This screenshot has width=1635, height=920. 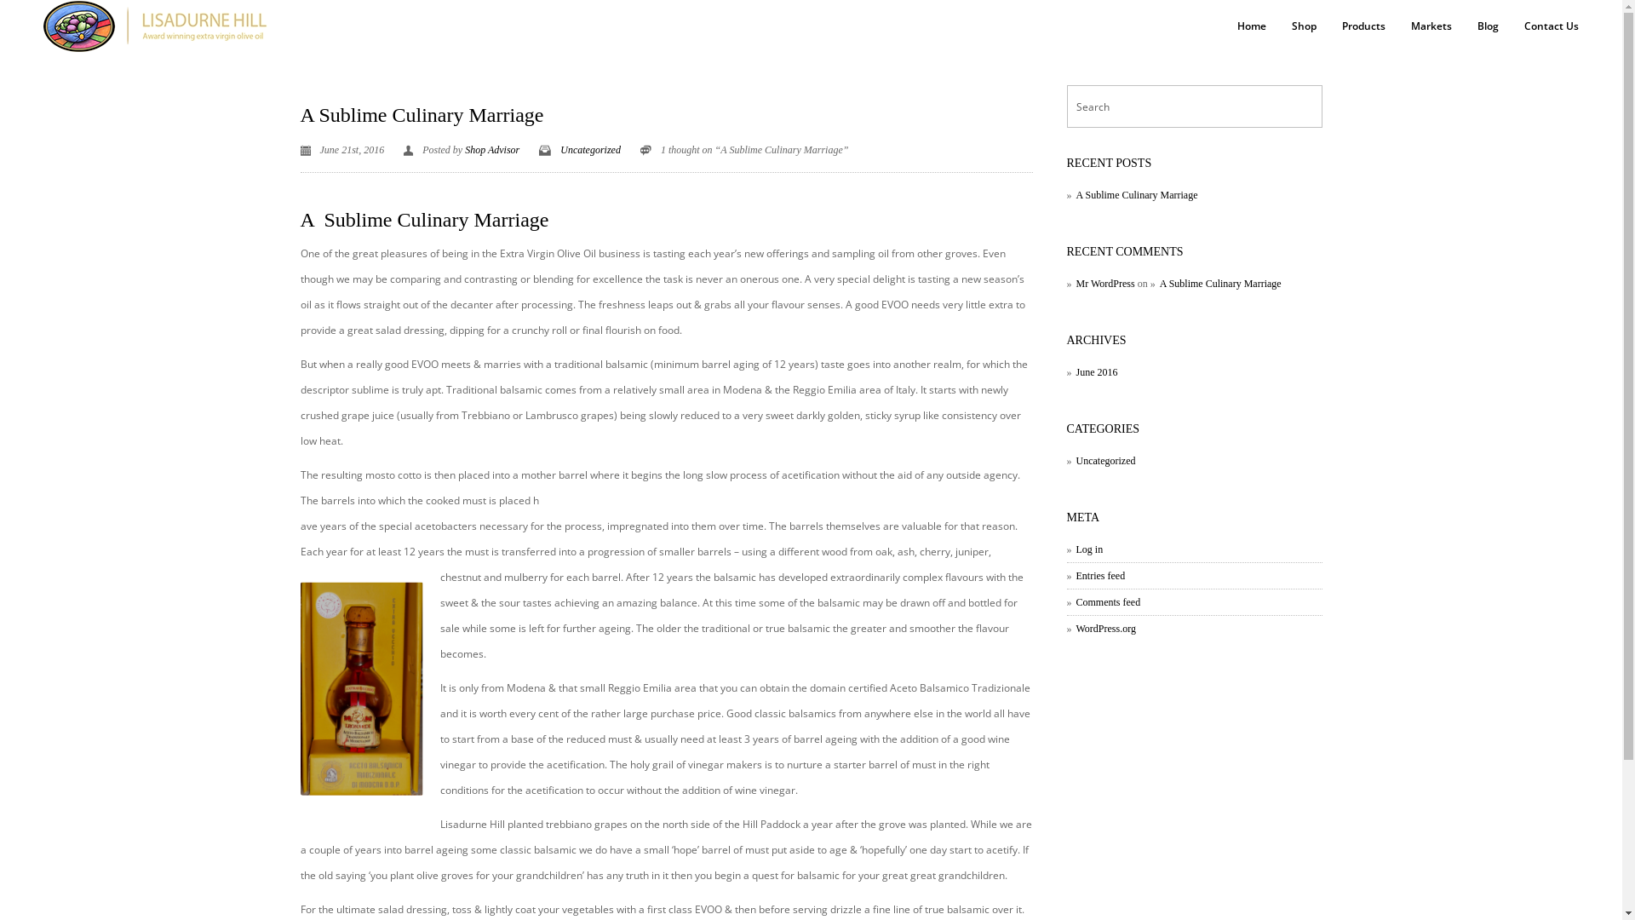 What do you see at coordinates (1552, 26) in the screenshot?
I see `'Contact Us'` at bounding box center [1552, 26].